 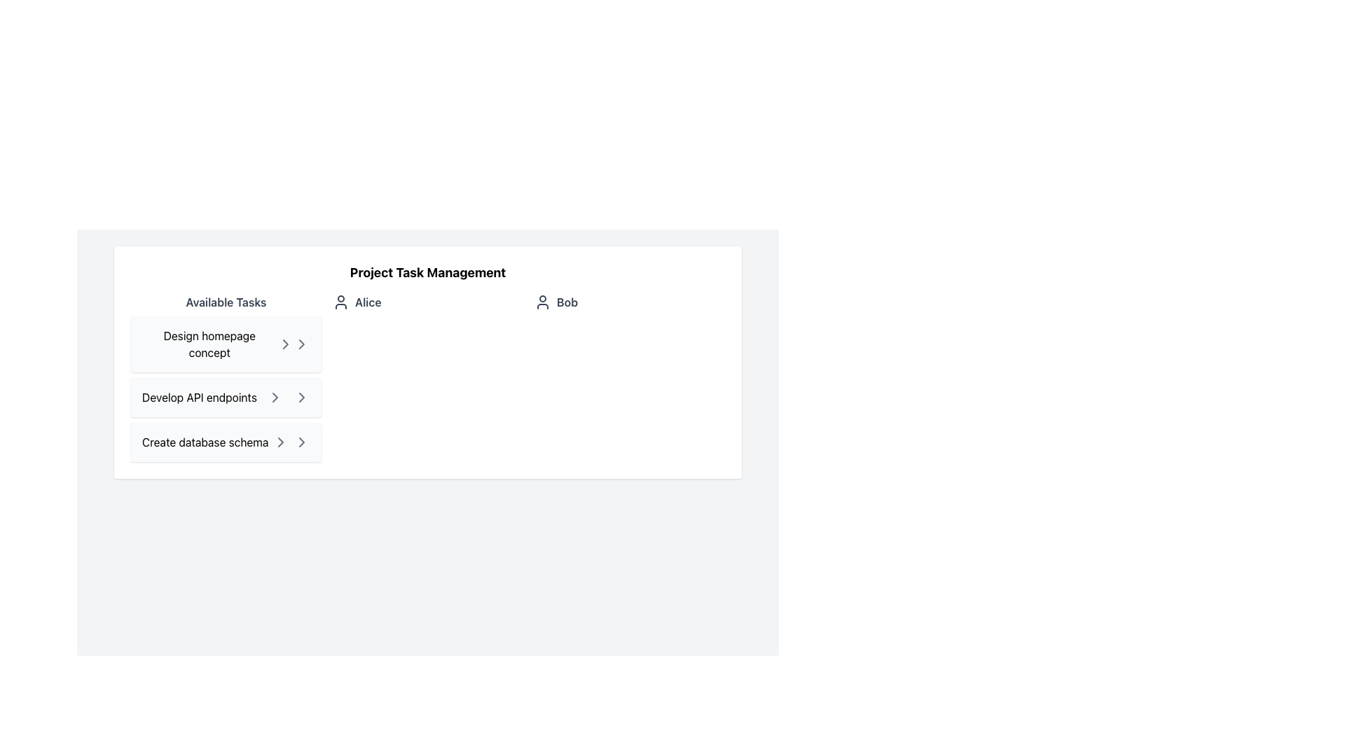 I want to click on the user icon representing 'Alice', located at the top-left area of the 'Project Task Management' section, immediately to the left of the text label 'Alice', so click(x=340, y=302).